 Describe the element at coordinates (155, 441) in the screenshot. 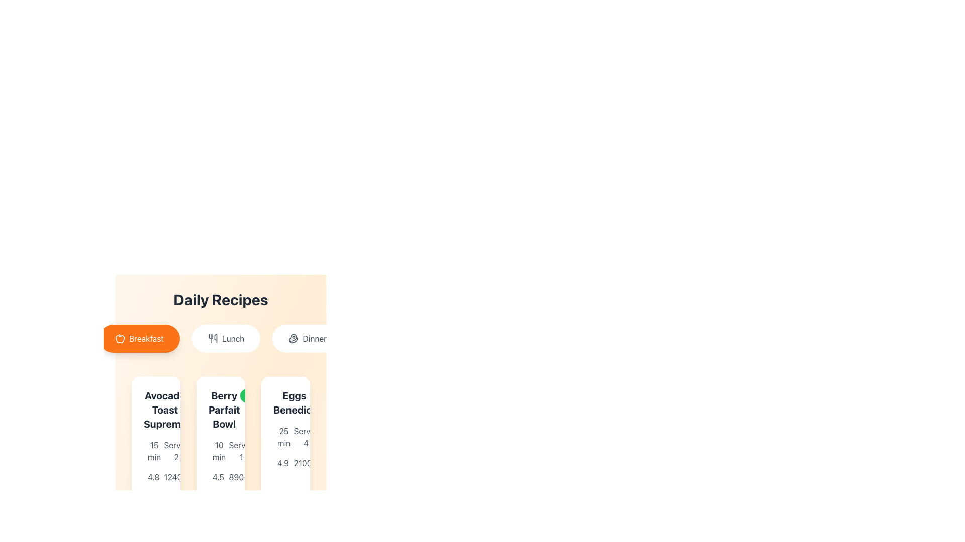

I see `the rating or likes count of the Recipe Card located in the first column and first row of the grid layout to see detailed reviews` at that location.